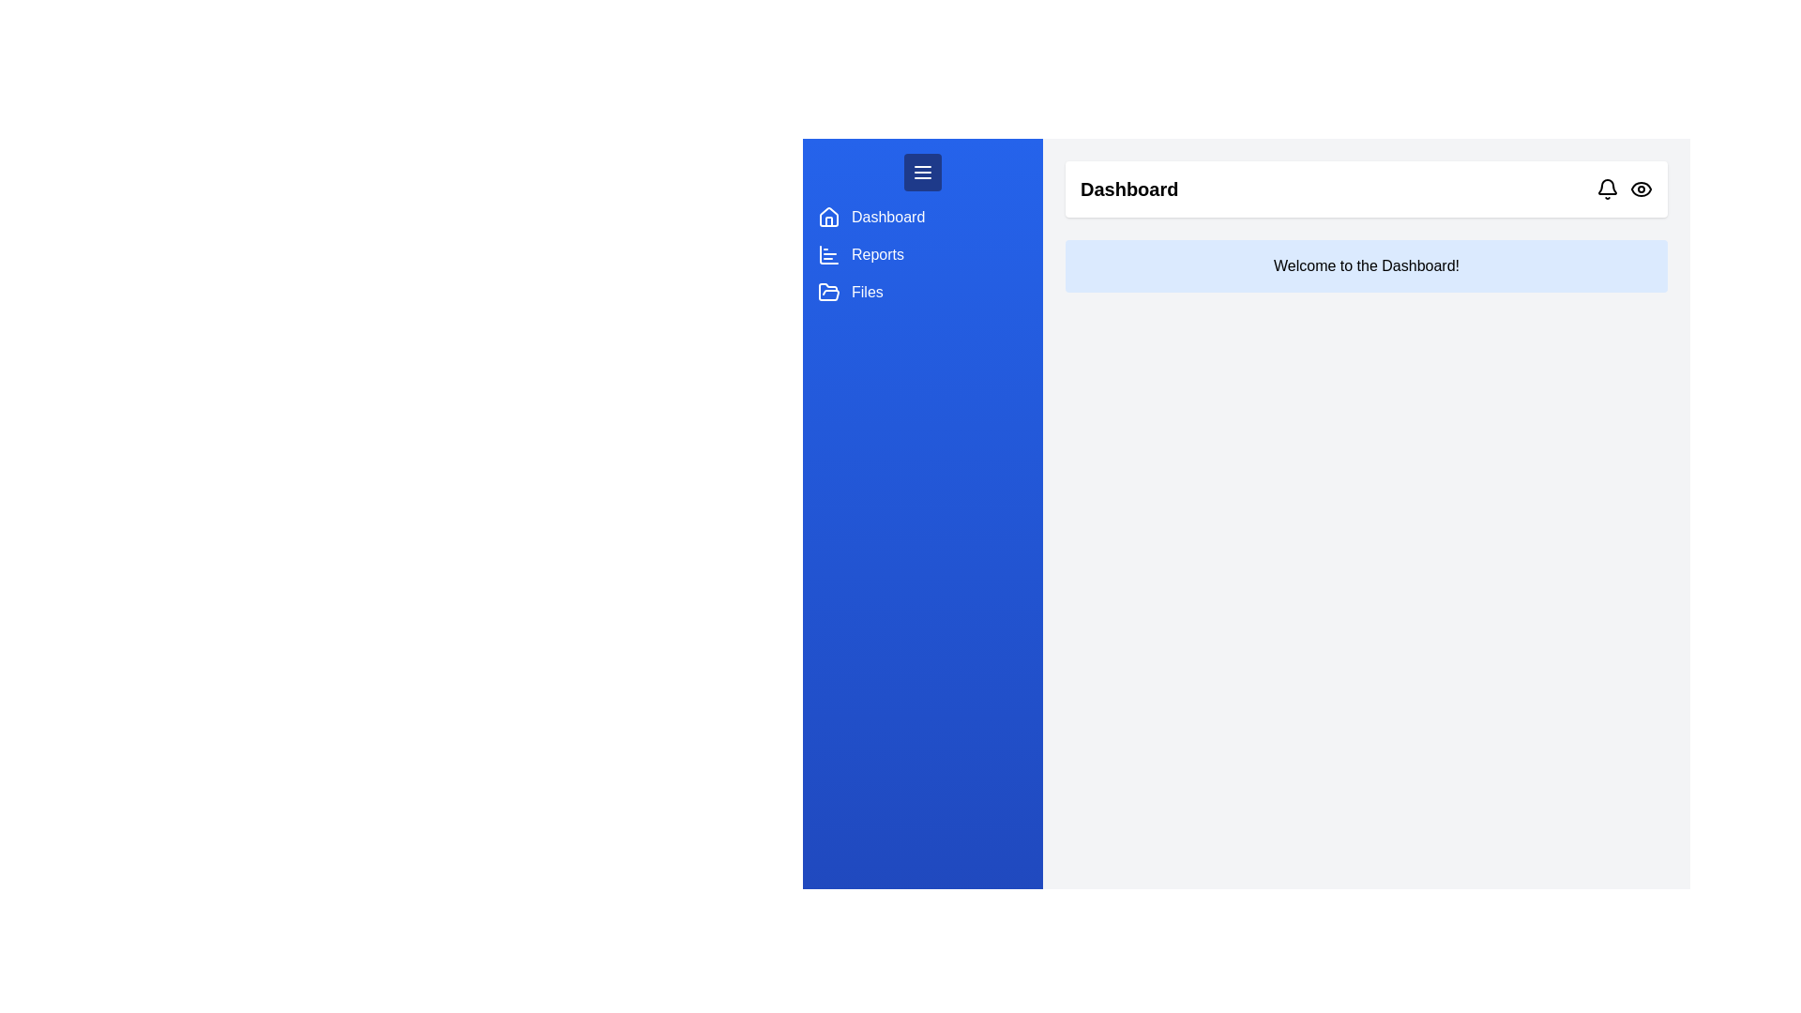  What do you see at coordinates (877, 255) in the screenshot?
I see `the 'Reports' navigation link located directly under the 'Dashboard' menu item in the vertical navigation bar on the left` at bounding box center [877, 255].